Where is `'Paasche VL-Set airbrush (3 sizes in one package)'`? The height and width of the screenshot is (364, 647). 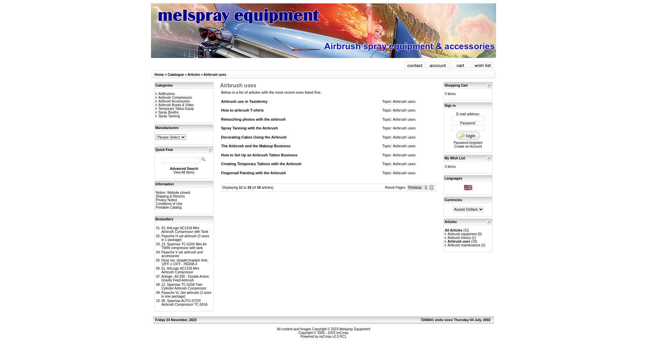
'Paasche VL-Set airbrush (3 sizes in one package)' is located at coordinates (161, 294).